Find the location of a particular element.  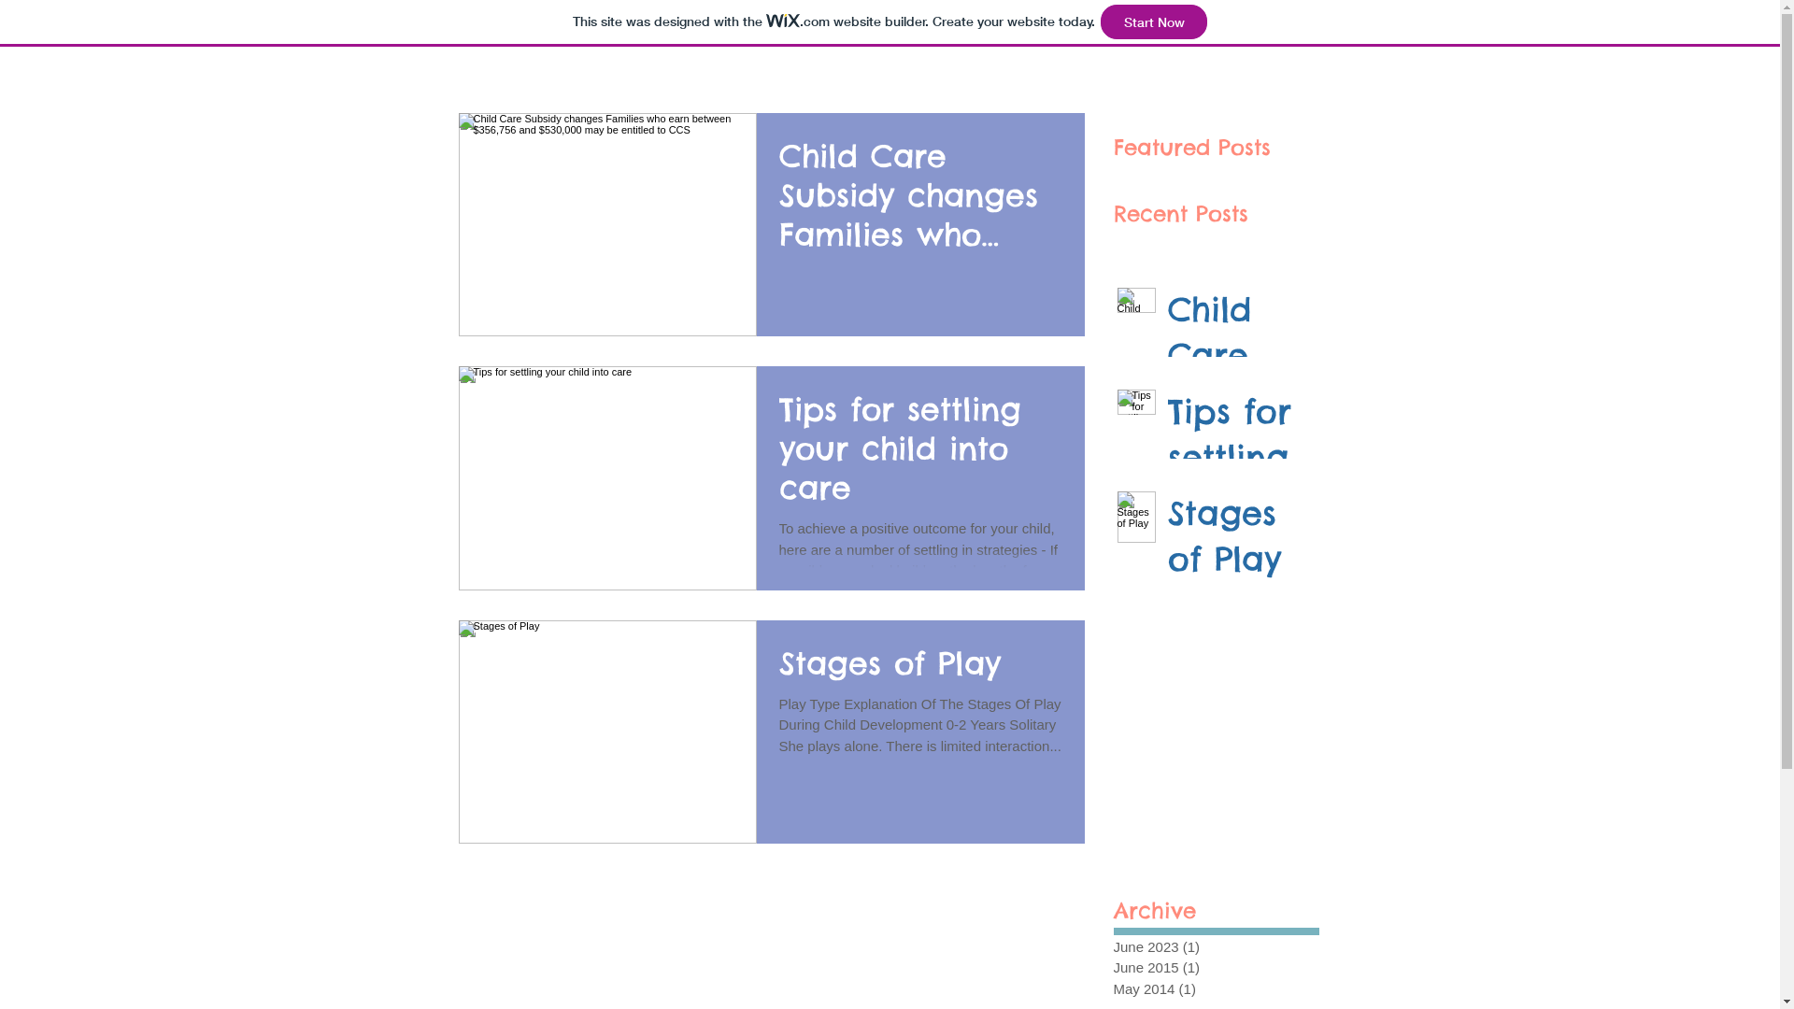

'May 2014 (1)' is located at coordinates (1211, 988).